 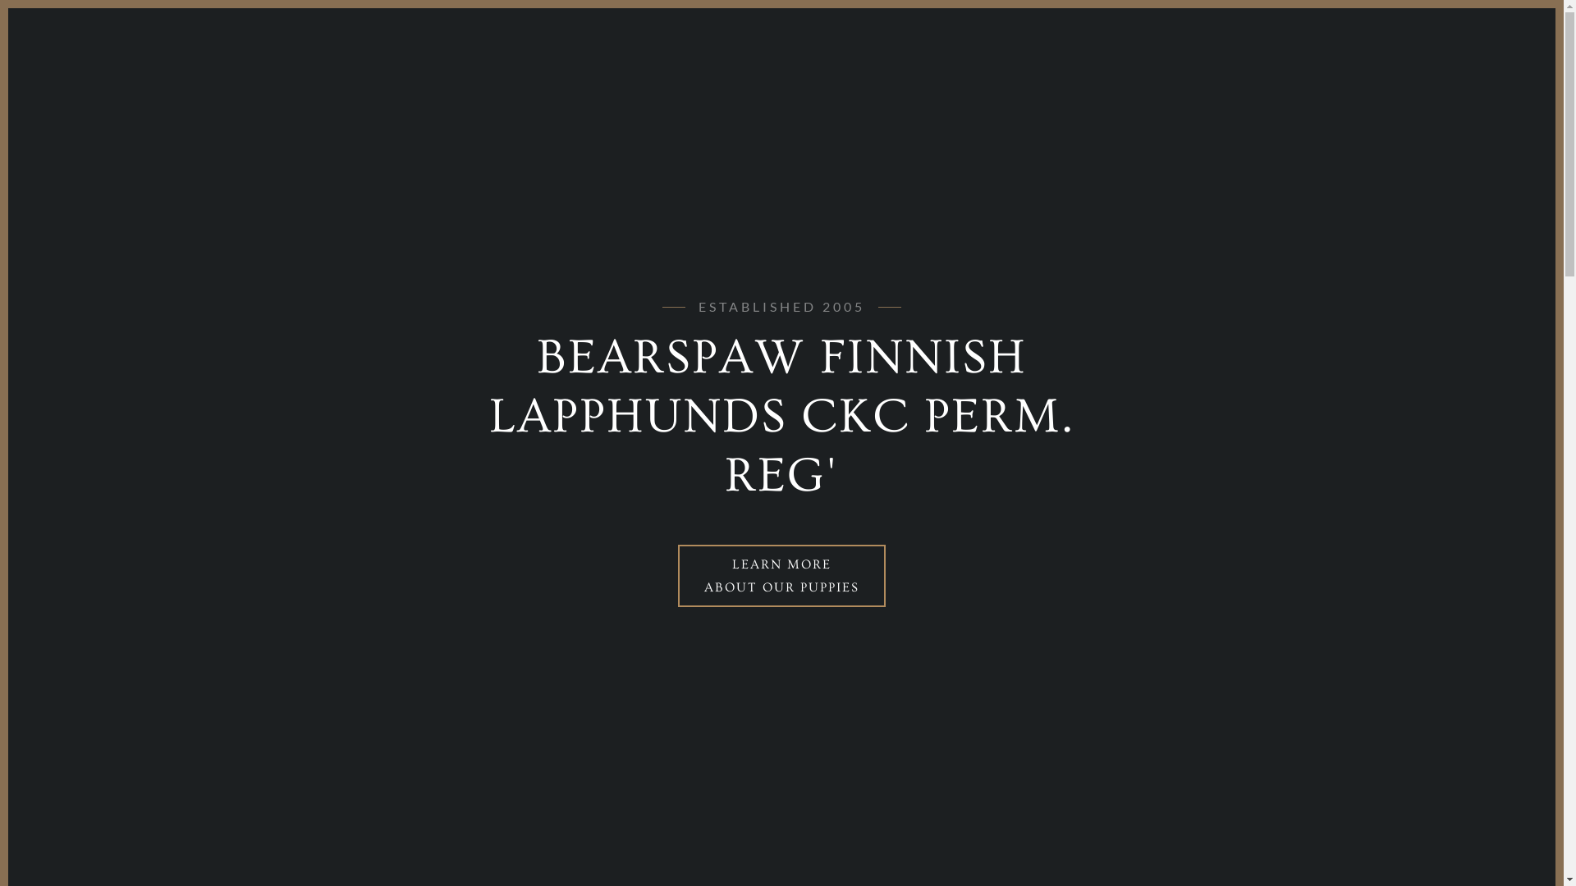 I want to click on 'LEARN MORE, so click(x=781, y=575).